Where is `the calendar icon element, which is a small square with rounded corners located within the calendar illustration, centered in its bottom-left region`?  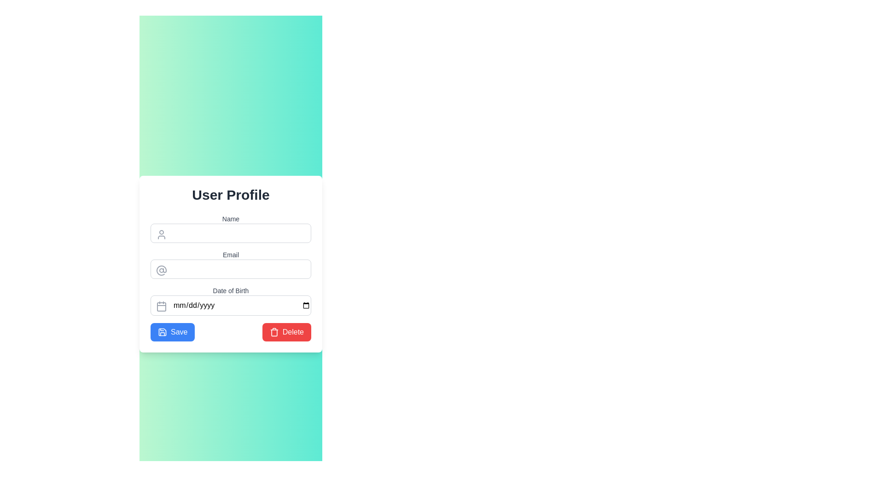 the calendar icon element, which is a small square with rounded corners located within the calendar illustration, centered in its bottom-left region is located at coordinates (161, 307).